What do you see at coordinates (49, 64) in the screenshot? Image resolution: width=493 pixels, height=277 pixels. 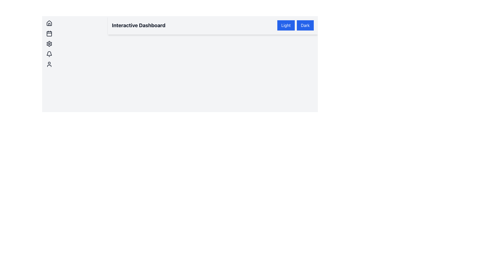 I see `the user symbol icon button, which is the fifth icon in a vertical stack on the left side of the interface` at bounding box center [49, 64].